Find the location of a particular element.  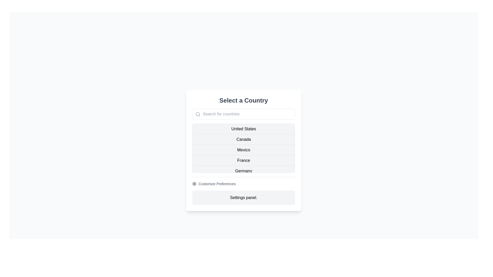

the third item in the list, which contains the text 'Mexico' is located at coordinates (243, 150).